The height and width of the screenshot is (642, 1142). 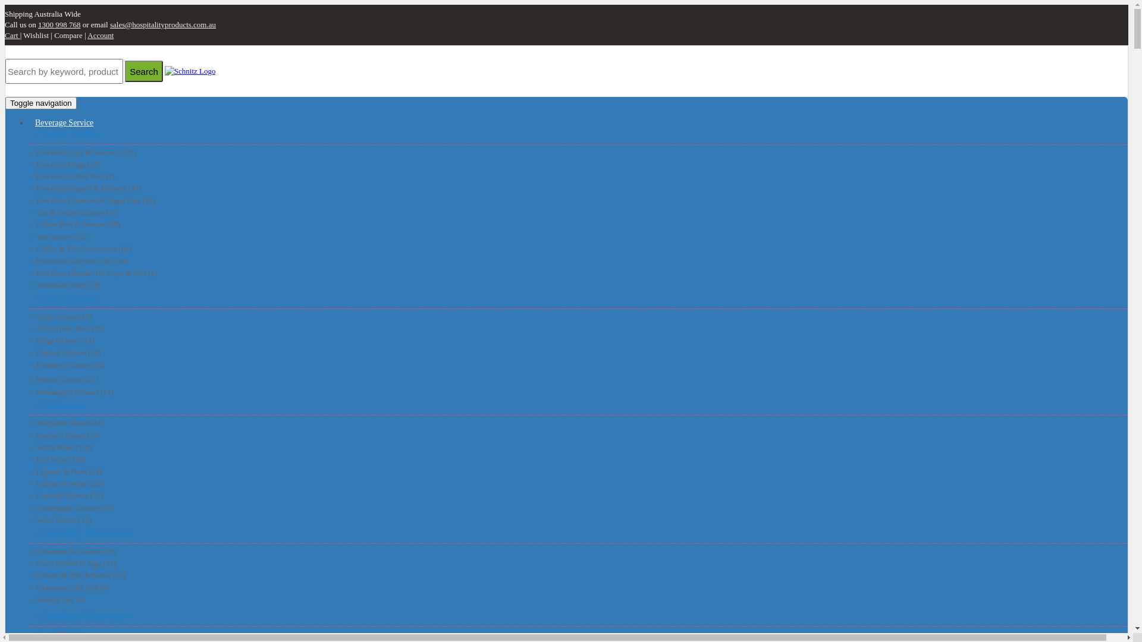 I want to click on 'Beverage Service', so click(x=63, y=121).